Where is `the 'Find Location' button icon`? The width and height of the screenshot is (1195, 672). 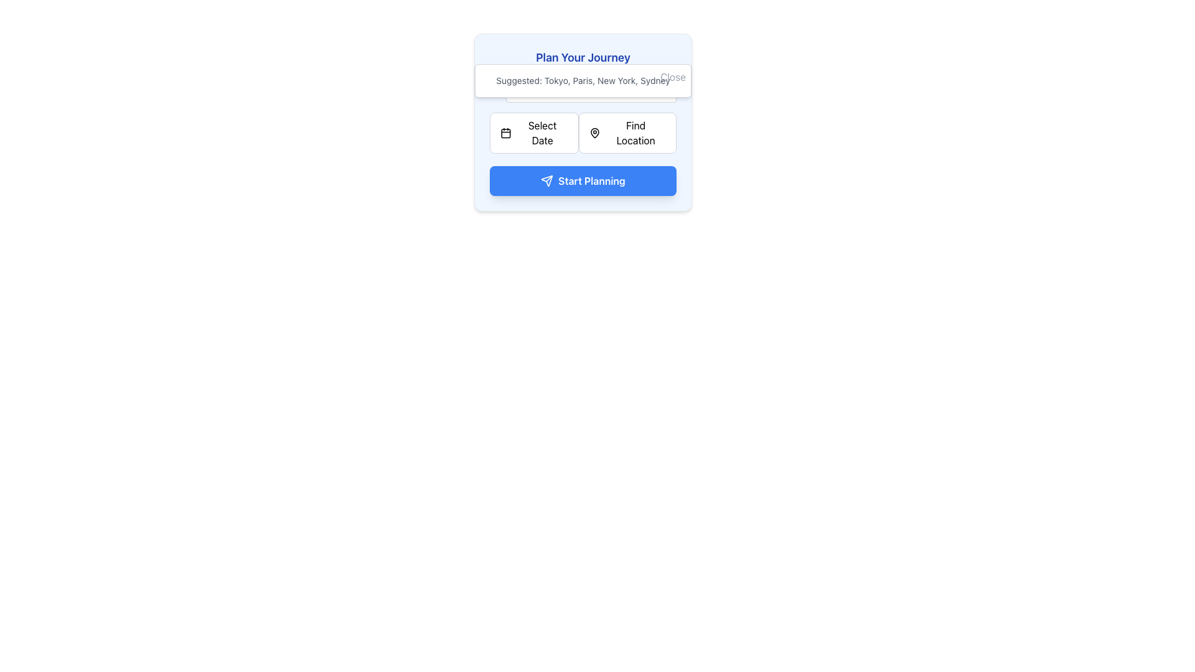
the 'Find Location' button icon is located at coordinates (594, 133).